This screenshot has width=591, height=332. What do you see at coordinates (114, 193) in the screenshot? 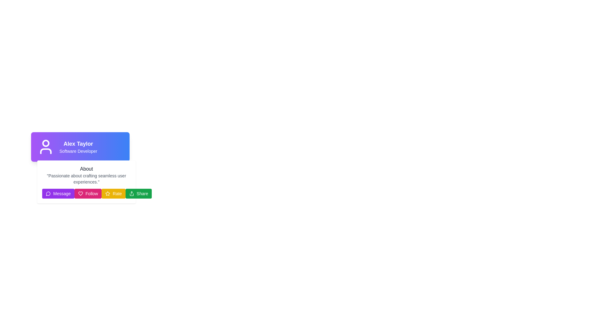
I see `the rating button located centrally below the 'About' section, which is the third button in a row of four buttons` at bounding box center [114, 193].